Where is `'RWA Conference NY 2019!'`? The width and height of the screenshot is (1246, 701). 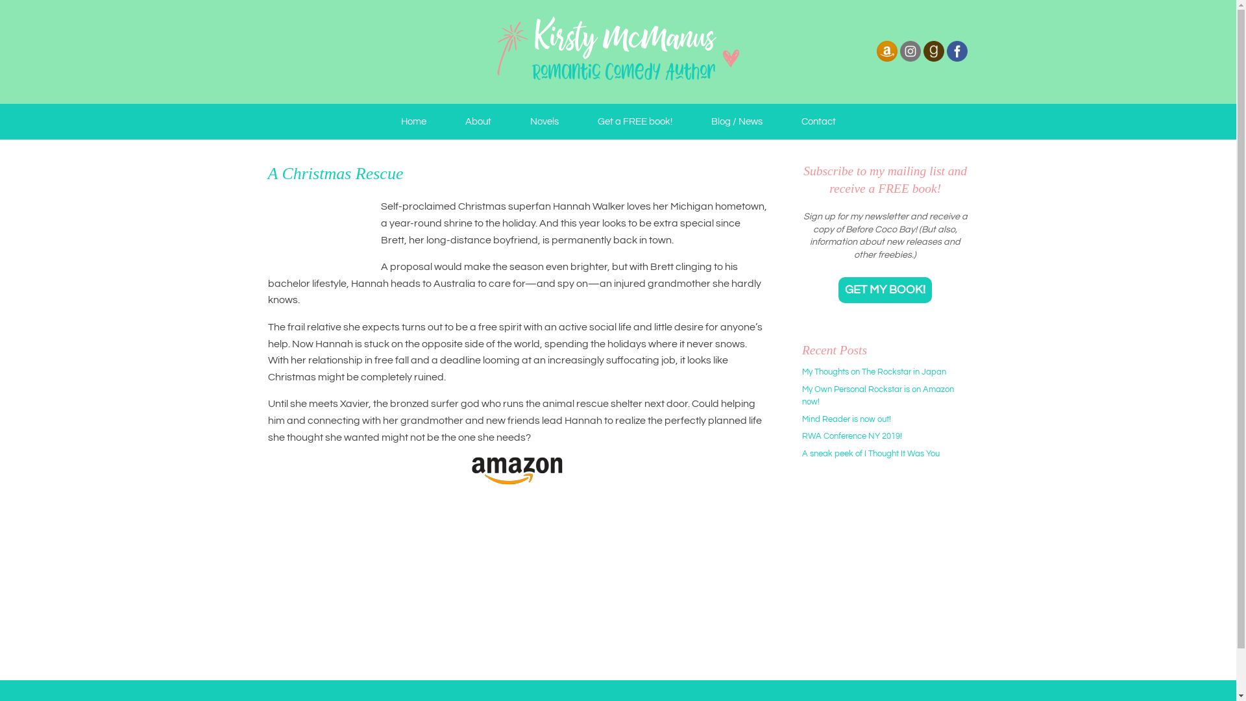
'RWA Conference NY 2019!' is located at coordinates (801, 436).